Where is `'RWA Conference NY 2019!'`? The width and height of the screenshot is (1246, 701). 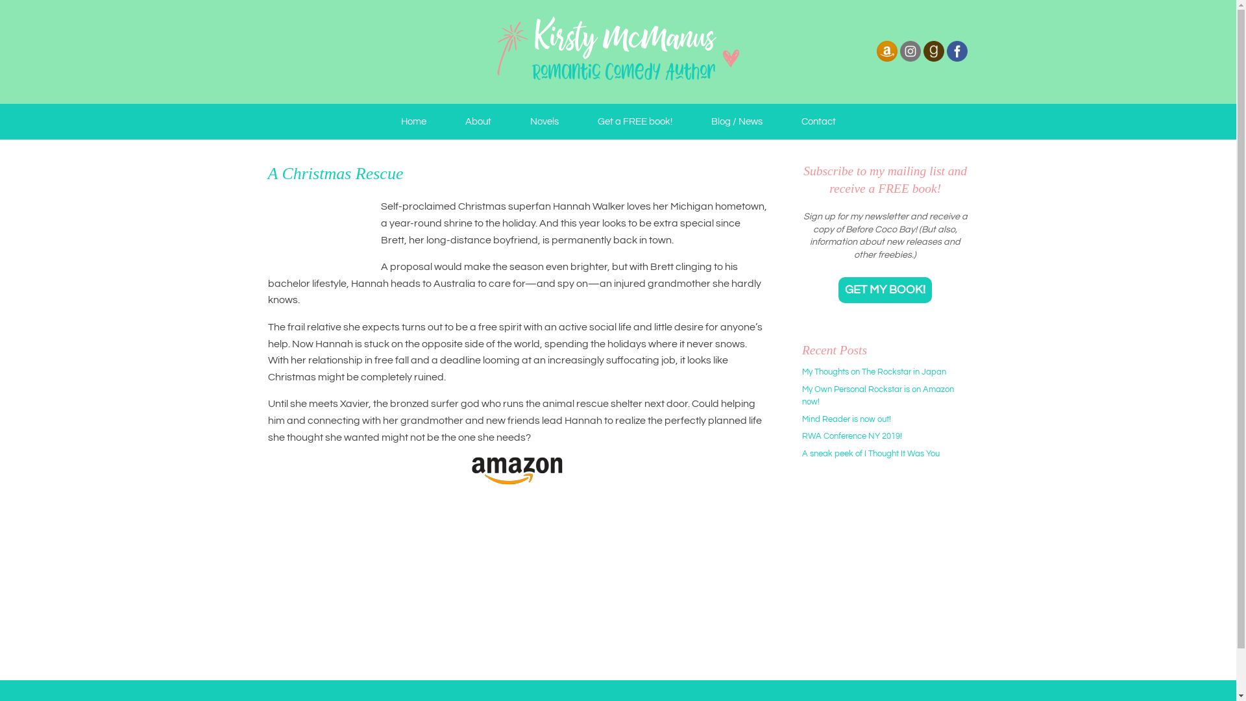
'RWA Conference NY 2019!' is located at coordinates (801, 436).